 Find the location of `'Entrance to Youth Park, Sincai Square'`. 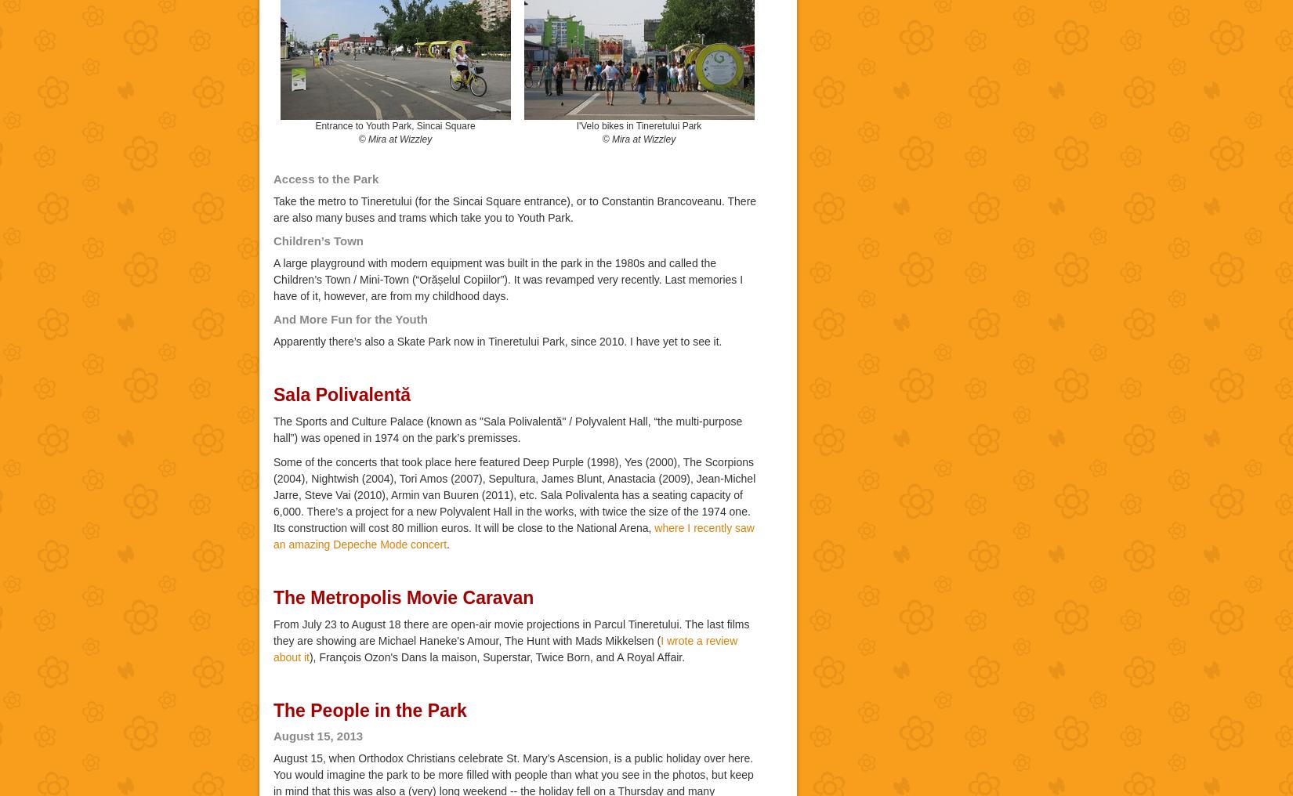

'Entrance to Youth Park, Sincai Square' is located at coordinates (394, 125).